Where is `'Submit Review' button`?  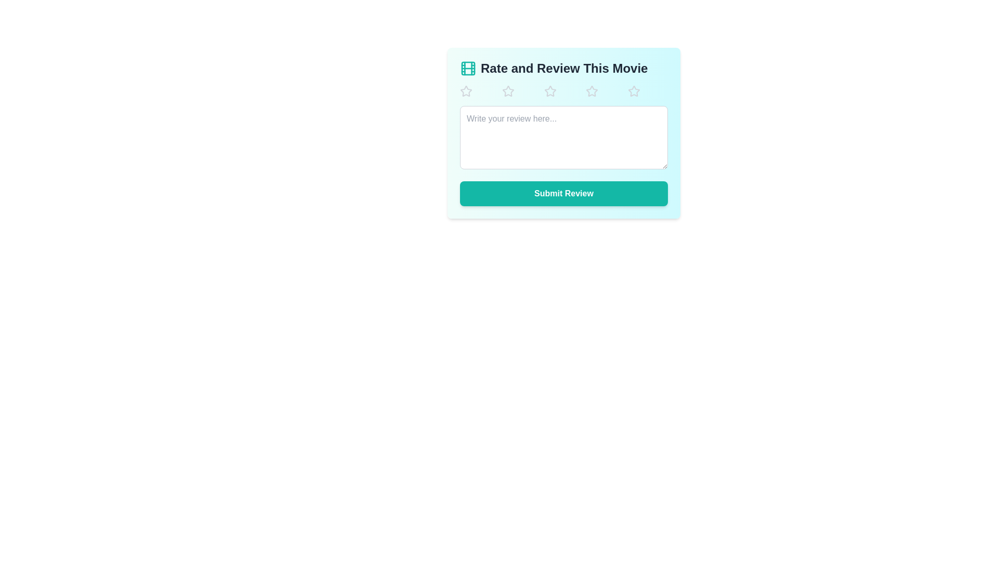 'Submit Review' button is located at coordinates (563, 194).